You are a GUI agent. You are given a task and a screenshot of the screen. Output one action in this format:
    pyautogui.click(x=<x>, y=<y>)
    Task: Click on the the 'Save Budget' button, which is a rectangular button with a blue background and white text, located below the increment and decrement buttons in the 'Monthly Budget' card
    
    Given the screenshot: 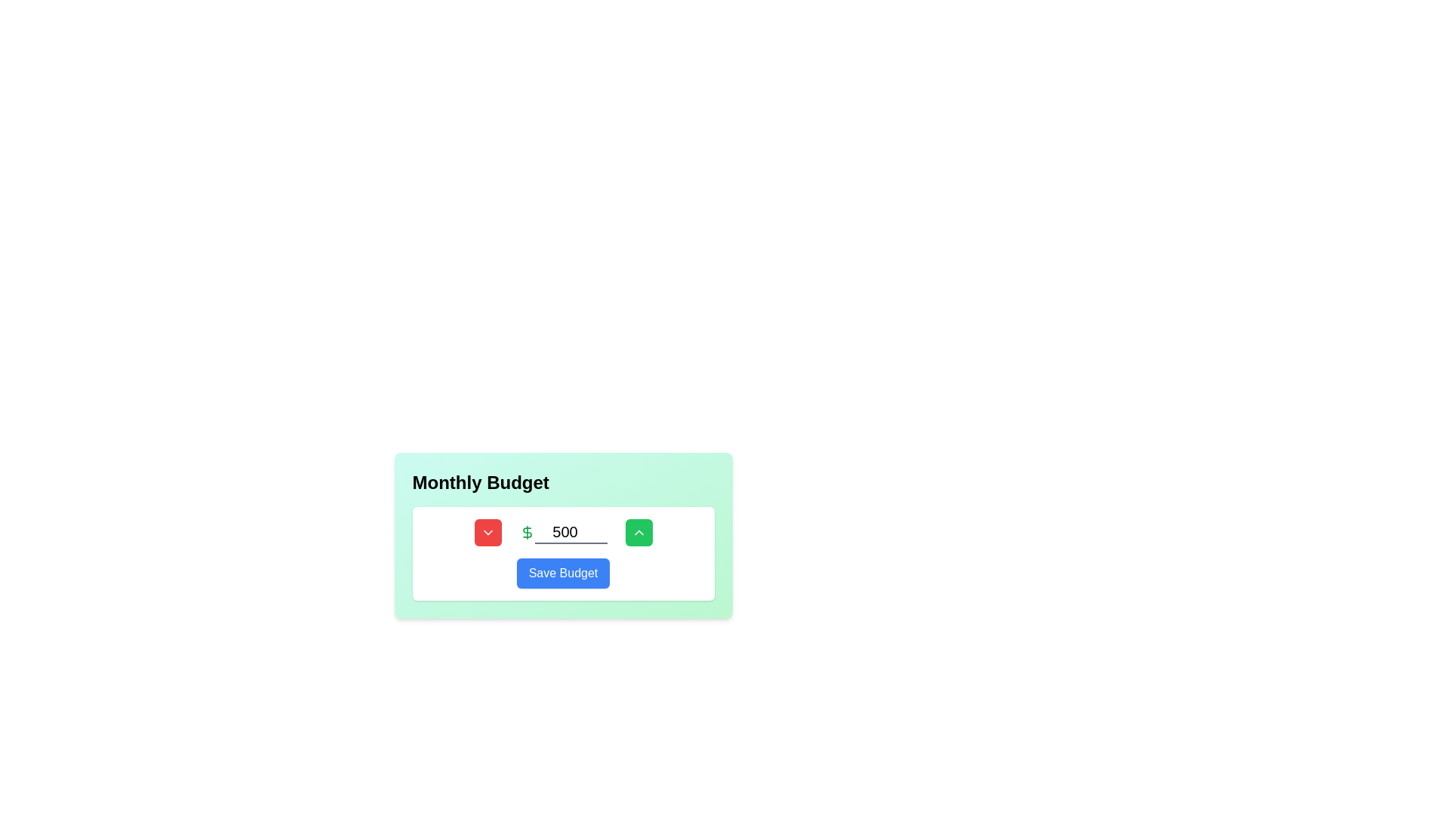 What is the action you would take?
    pyautogui.click(x=562, y=553)
    